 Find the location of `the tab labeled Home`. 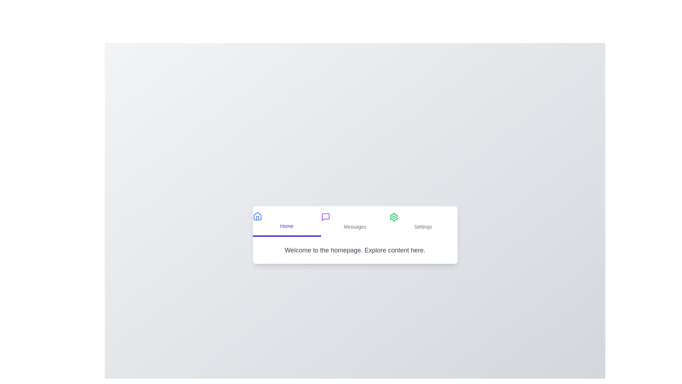

the tab labeled Home is located at coordinates (287, 221).